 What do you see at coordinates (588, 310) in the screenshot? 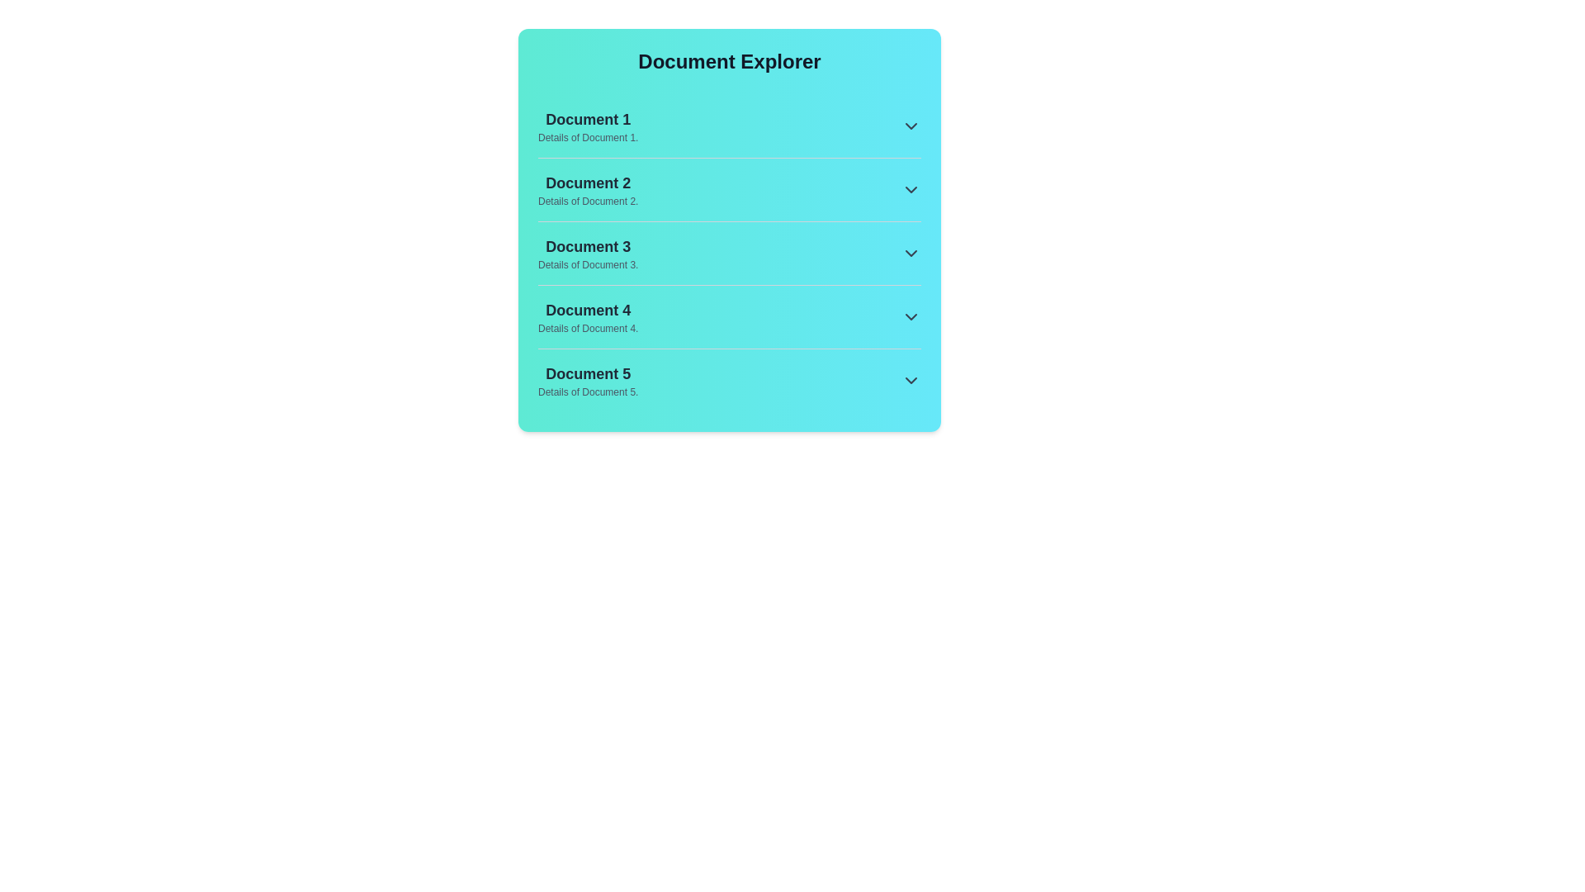
I see `the title and description of document 4` at bounding box center [588, 310].